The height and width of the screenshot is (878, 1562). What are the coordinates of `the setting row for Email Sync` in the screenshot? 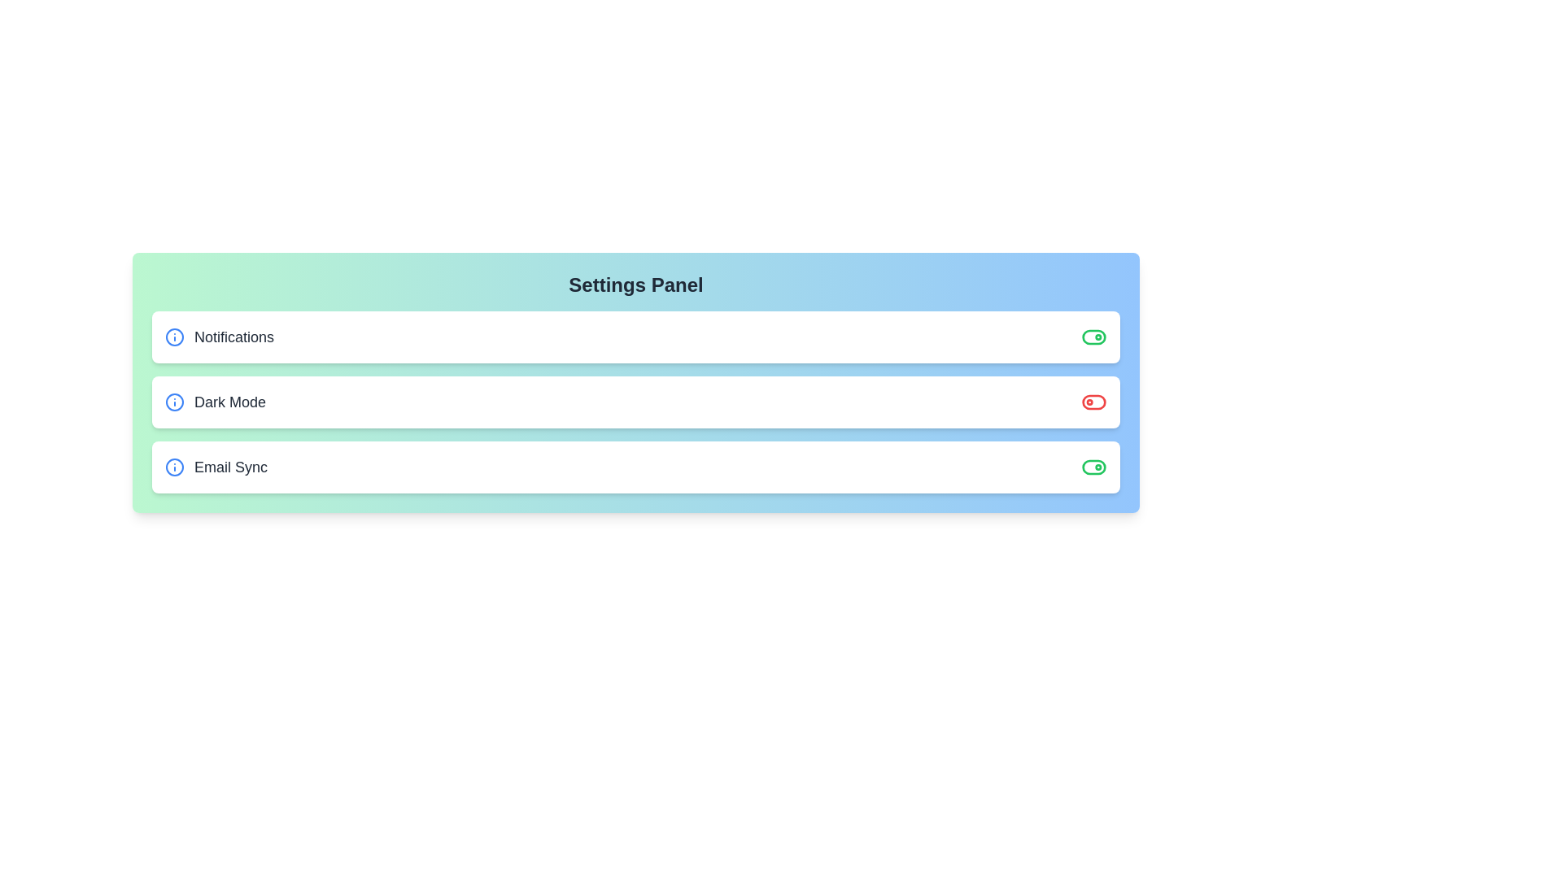 It's located at (635, 467).